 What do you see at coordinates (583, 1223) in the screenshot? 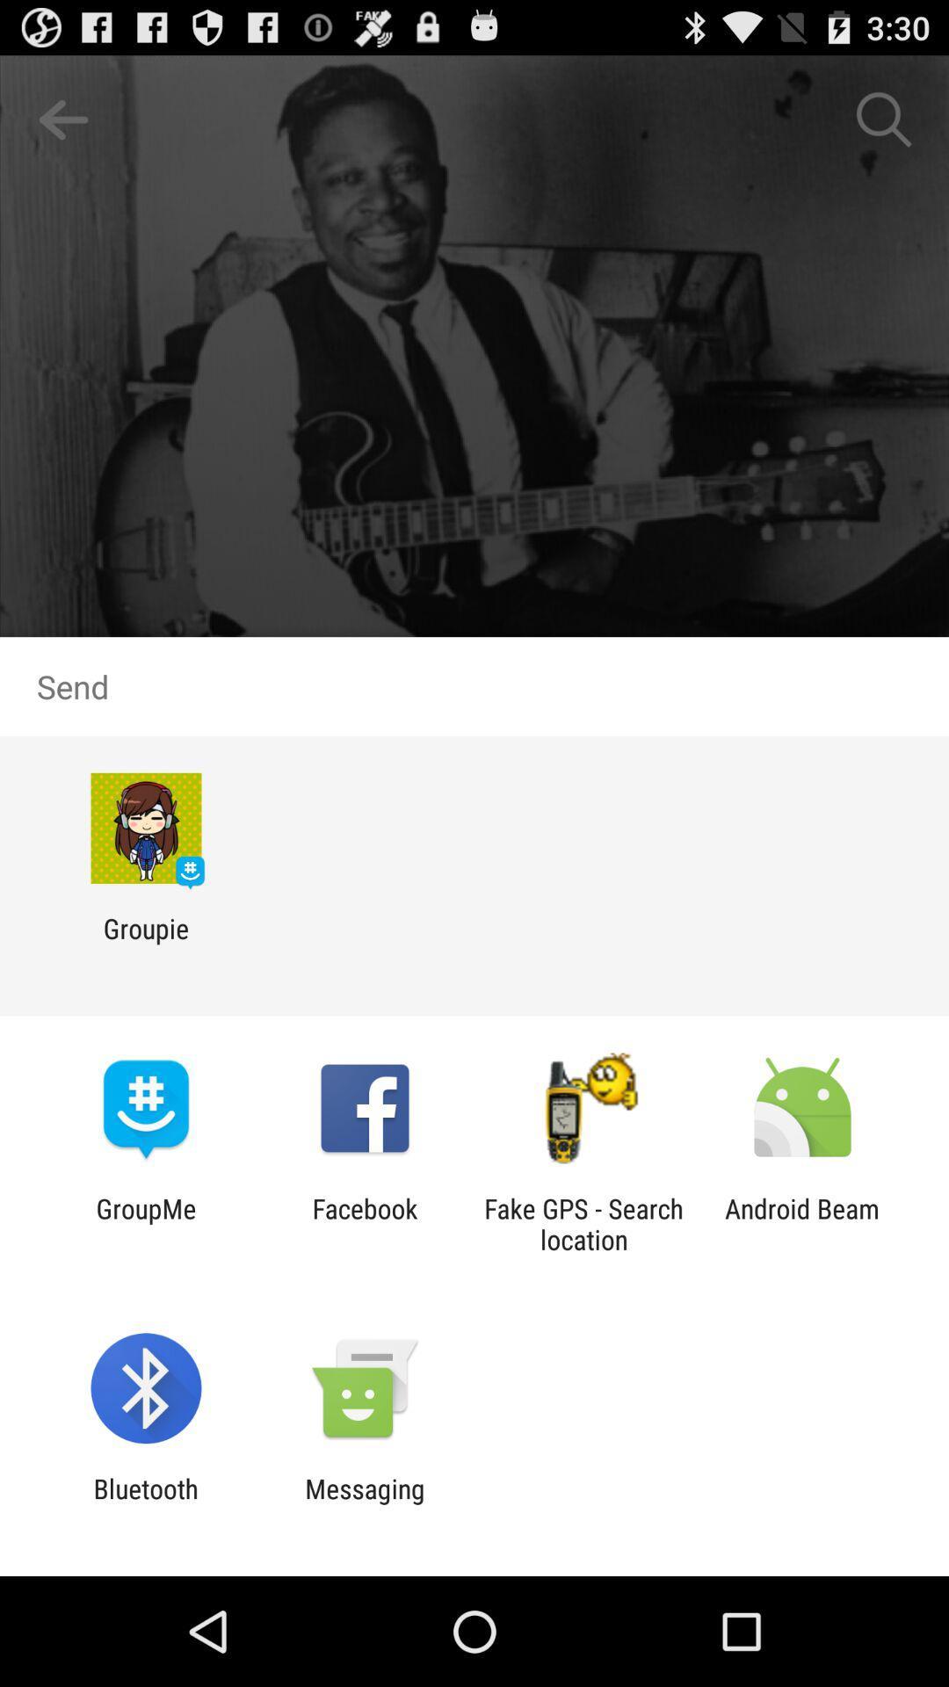
I see `fake gps search app` at bounding box center [583, 1223].